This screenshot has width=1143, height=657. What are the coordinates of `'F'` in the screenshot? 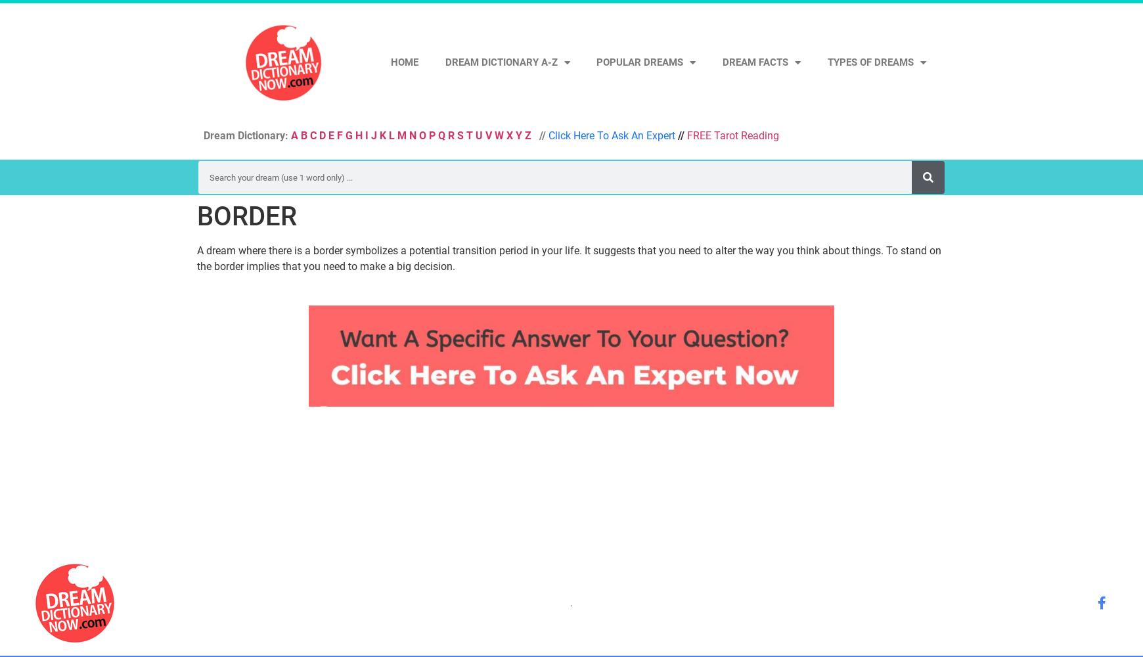 It's located at (339, 135).